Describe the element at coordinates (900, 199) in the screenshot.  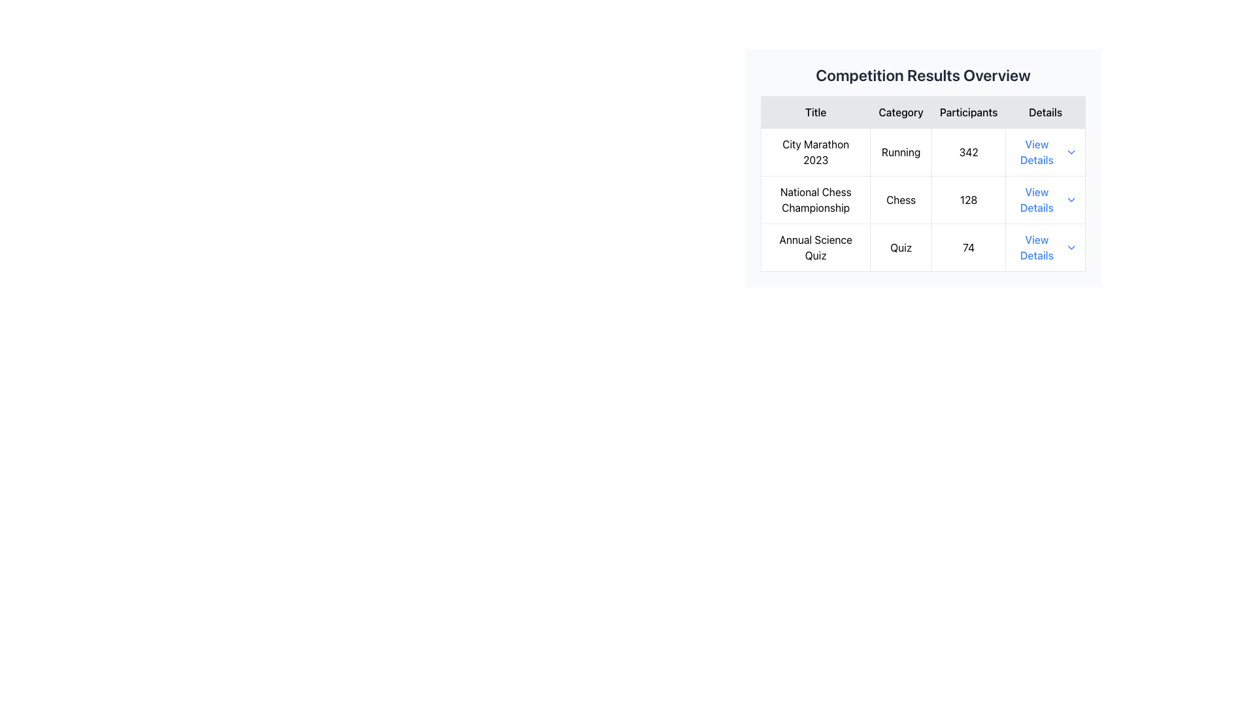
I see `the static text label indicating the category 'National Chess Championship' in the table, located under the 'Category' column` at that location.